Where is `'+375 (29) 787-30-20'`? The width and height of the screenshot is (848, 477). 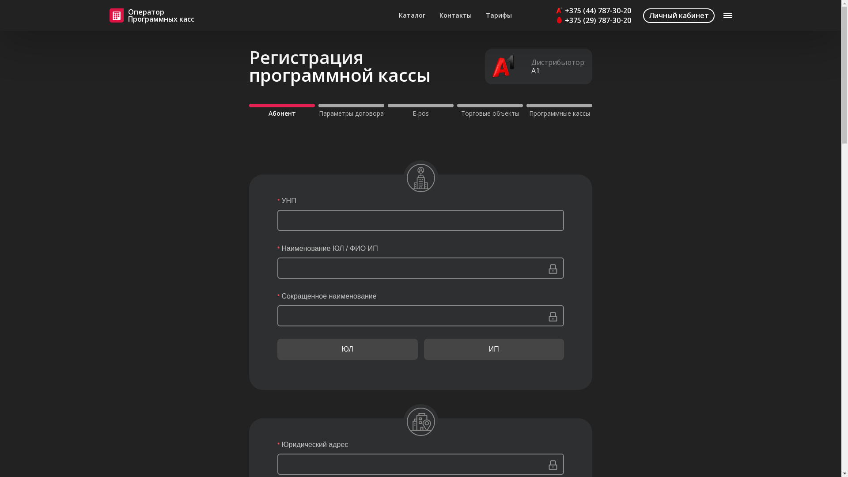 '+375 (29) 787-30-20' is located at coordinates (593, 20).